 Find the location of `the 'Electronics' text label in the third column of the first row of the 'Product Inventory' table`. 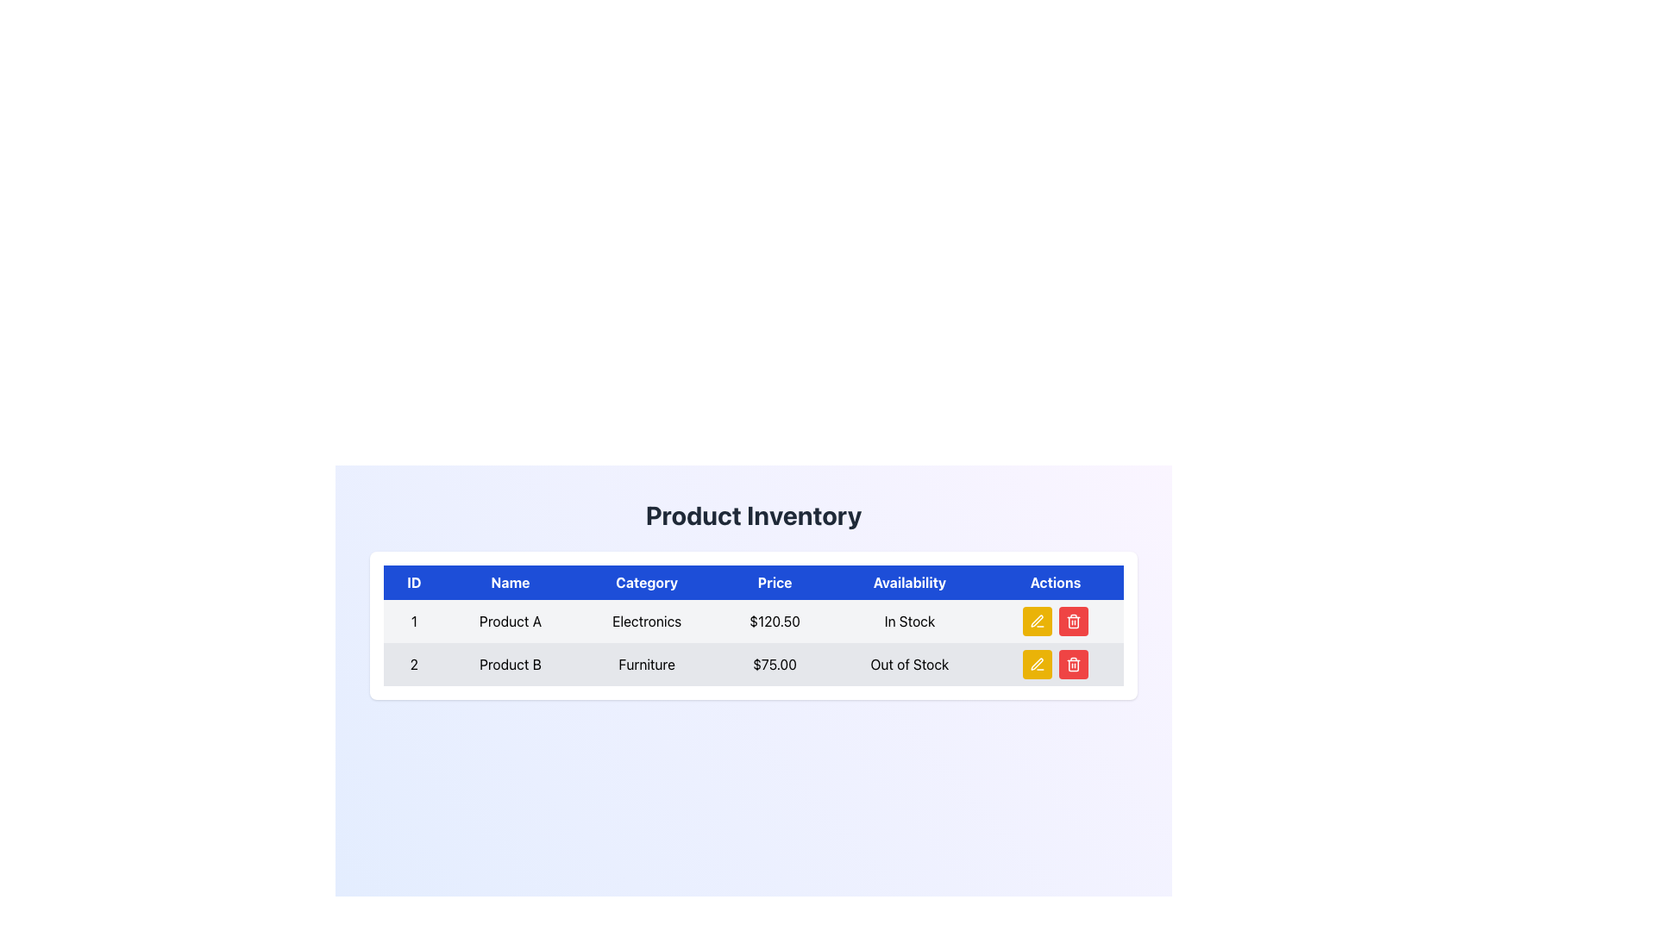

the 'Electronics' text label in the third column of the first row of the 'Product Inventory' table is located at coordinates (646, 622).